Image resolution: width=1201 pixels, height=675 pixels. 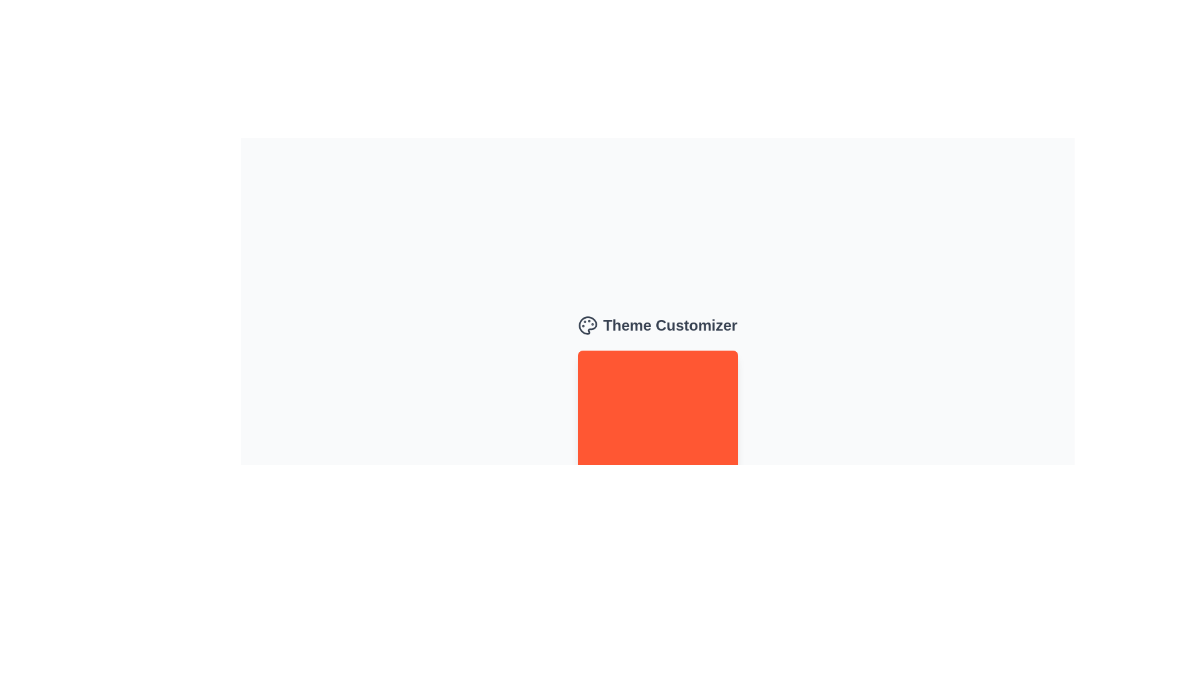 What do you see at coordinates (657, 324) in the screenshot?
I see `text combined with an illustrative icon located near the upper middle section of the interface, above the large orange square, which indicates customization options for themes or styles` at bounding box center [657, 324].